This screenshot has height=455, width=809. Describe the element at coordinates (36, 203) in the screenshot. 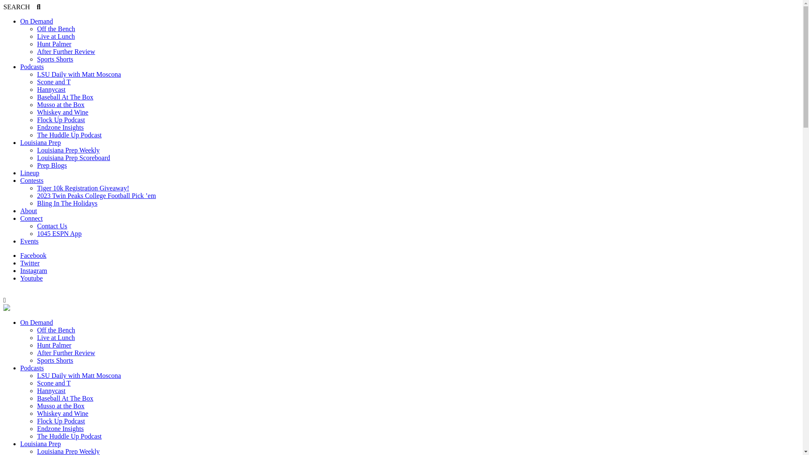

I see `'Bling In The Holidays'` at that location.